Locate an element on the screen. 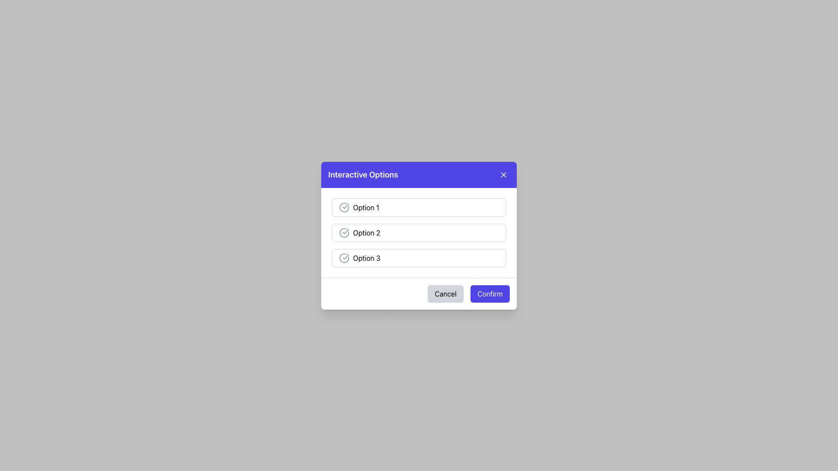 This screenshot has height=471, width=838. the decorative checkmark icon in the SVG graphic next to the 'Option 2' label within the 'Interactive Options' dialog box is located at coordinates (345, 231).